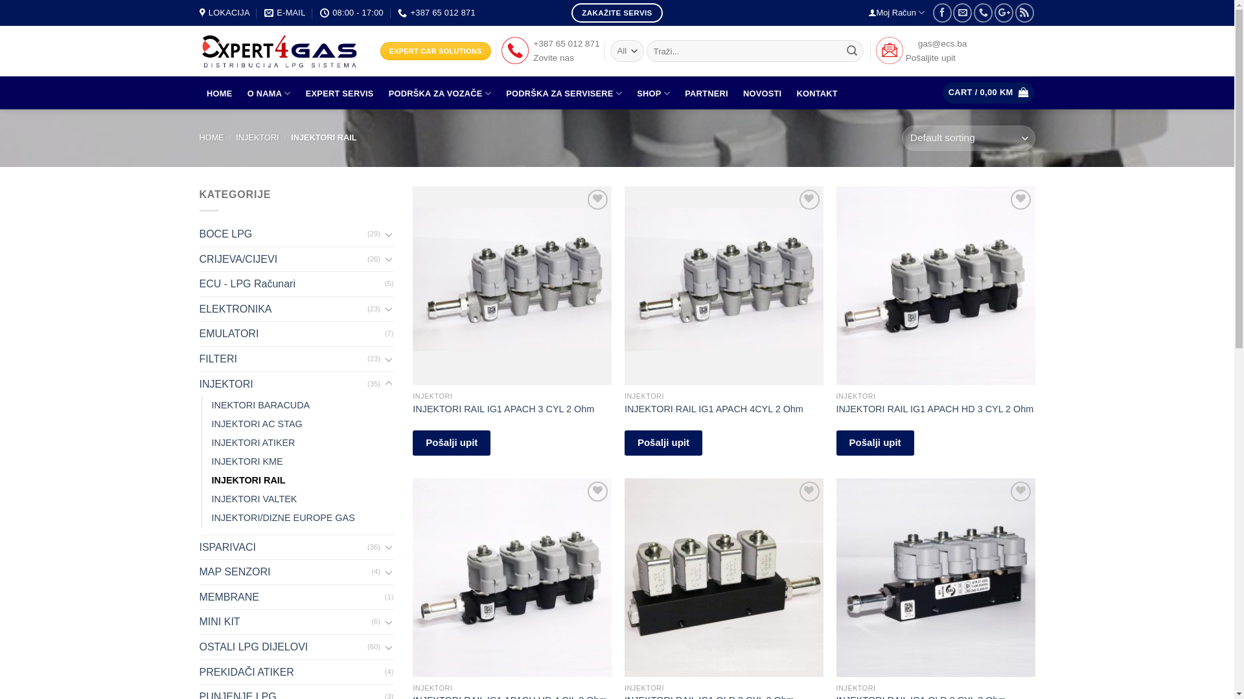 This screenshot has height=699, width=1244. Describe the element at coordinates (257, 137) in the screenshot. I see `'INJEKTORI'` at that location.